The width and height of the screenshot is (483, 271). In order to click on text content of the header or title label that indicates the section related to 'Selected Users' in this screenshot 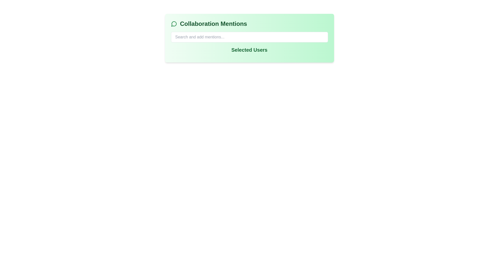, I will do `click(249, 50)`.